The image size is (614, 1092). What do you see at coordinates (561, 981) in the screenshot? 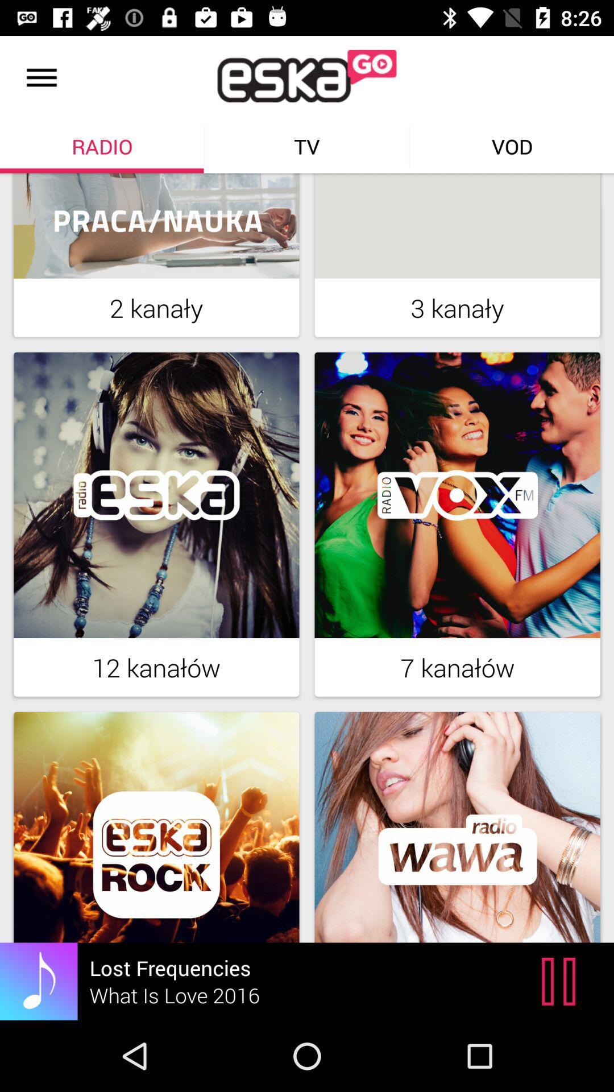
I see `the pause icon` at bounding box center [561, 981].